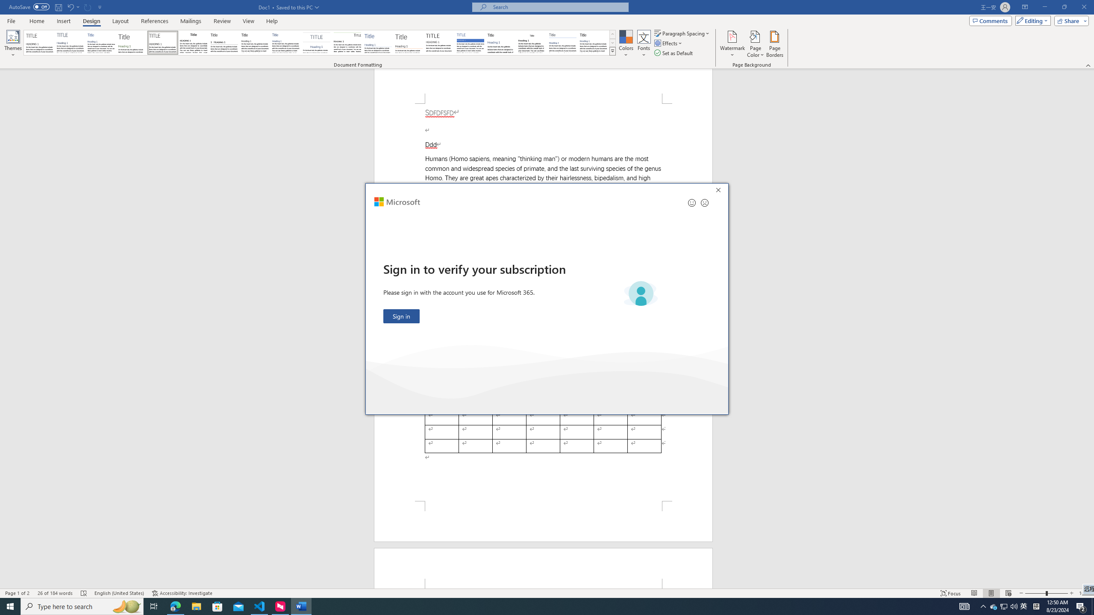  Describe the element at coordinates (224, 42) in the screenshot. I see `'Black & White (Numbered)'` at that location.